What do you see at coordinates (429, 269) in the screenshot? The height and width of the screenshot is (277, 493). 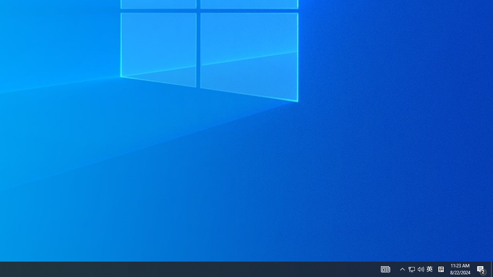 I see `'User Promoted Notification Area'` at bounding box center [429, 269].